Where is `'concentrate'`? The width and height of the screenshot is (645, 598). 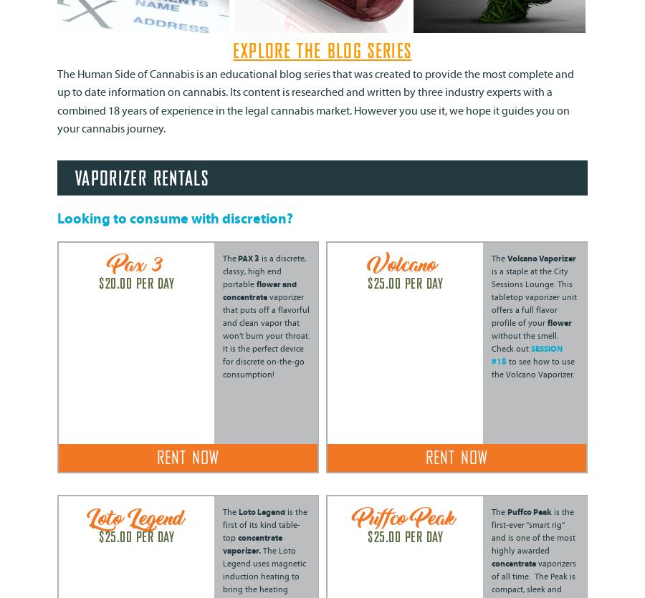 'concentrate' is located at coordinates (513, 562).